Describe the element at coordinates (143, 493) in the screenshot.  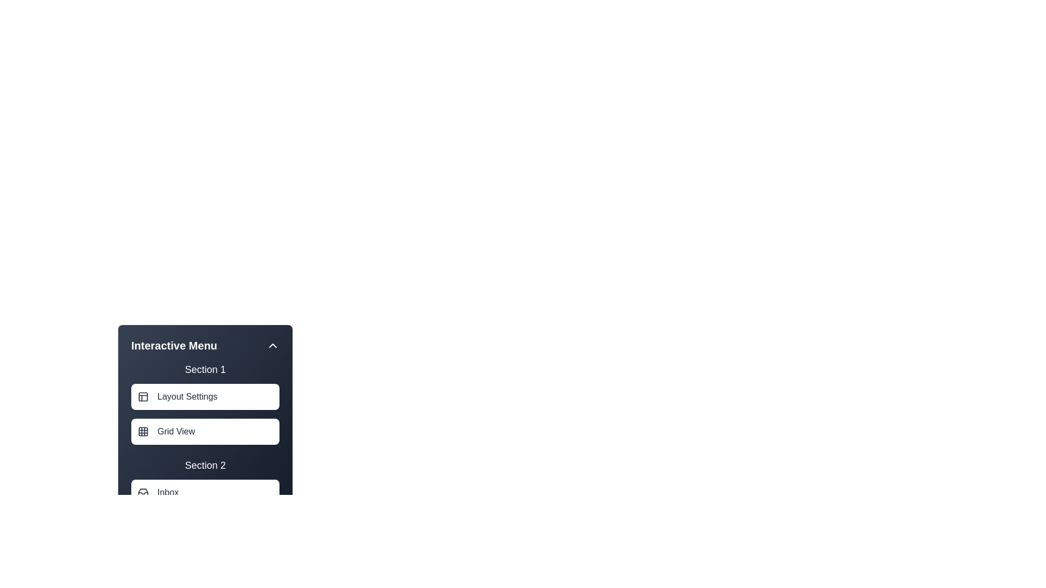
I see `the icon associated with Inbox` at that location.